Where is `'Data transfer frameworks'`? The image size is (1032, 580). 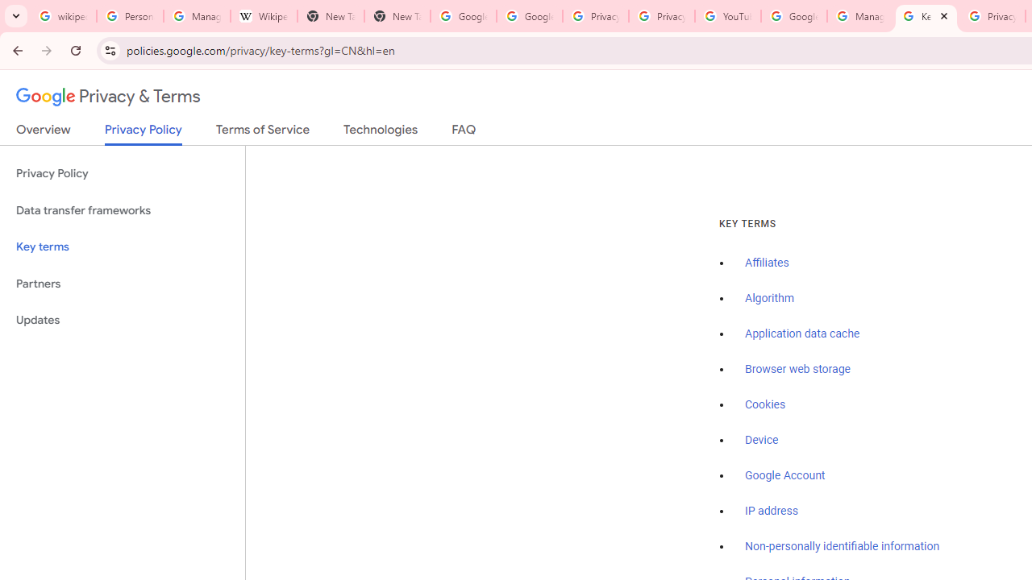 'Data transfer frameworks' is located at coordinates (122, 209).